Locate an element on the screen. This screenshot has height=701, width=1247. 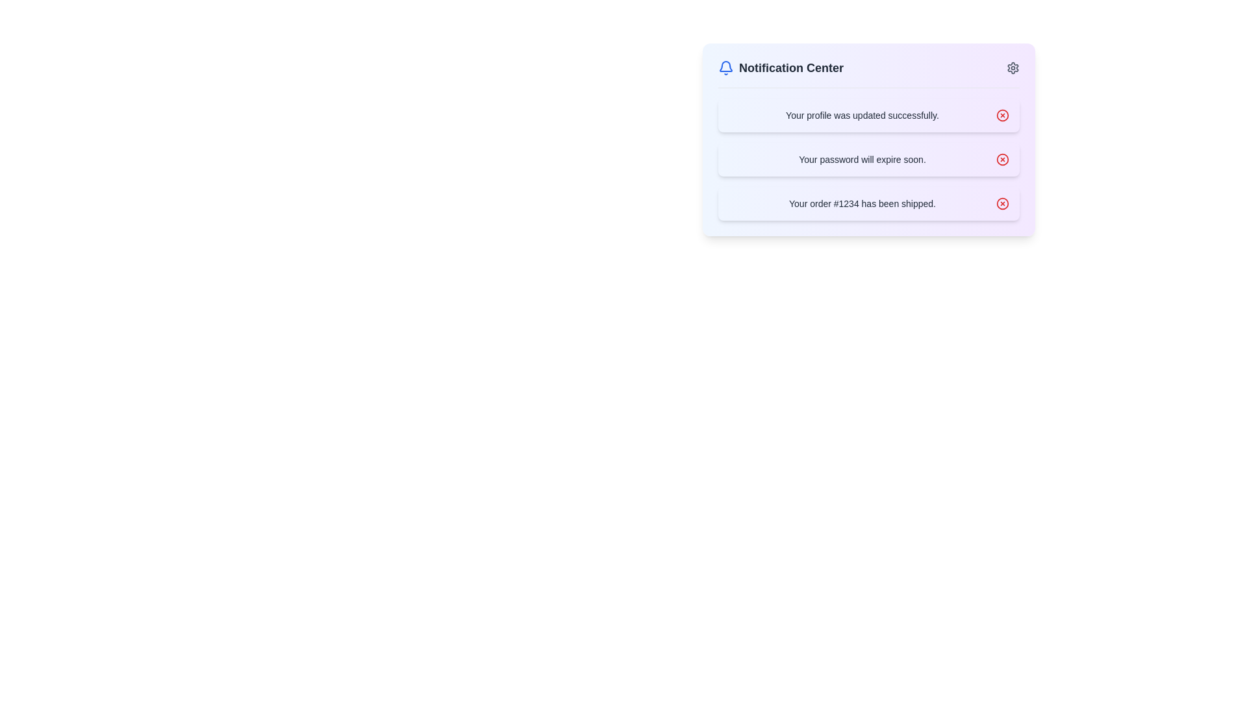
the dismiss button icon located at the right end of the 'Your order #1234 has been shipped' notification is located at coordinates (1002, 203).